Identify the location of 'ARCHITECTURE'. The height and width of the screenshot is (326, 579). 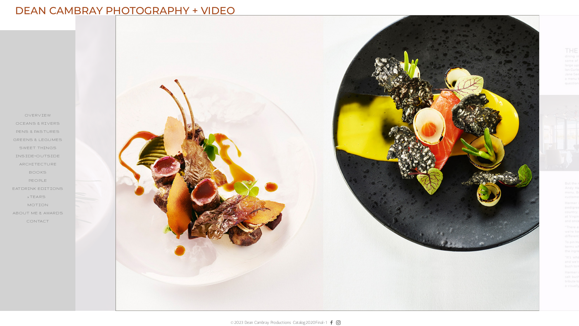
(37, 164).